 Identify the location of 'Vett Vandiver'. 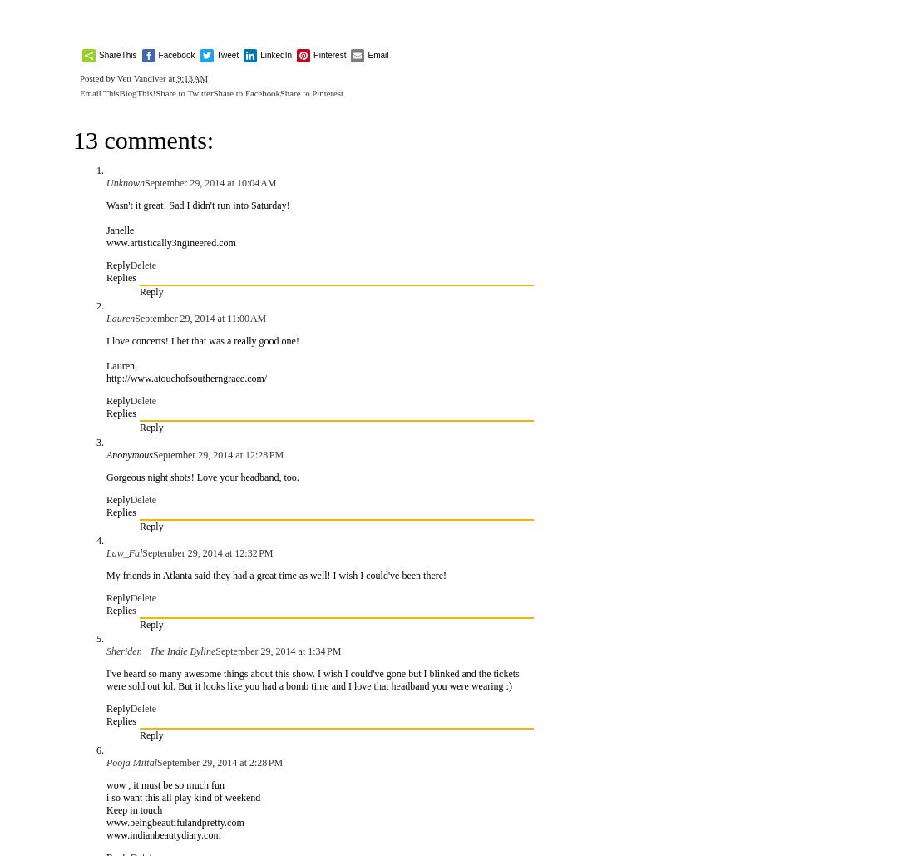
(141, 77).